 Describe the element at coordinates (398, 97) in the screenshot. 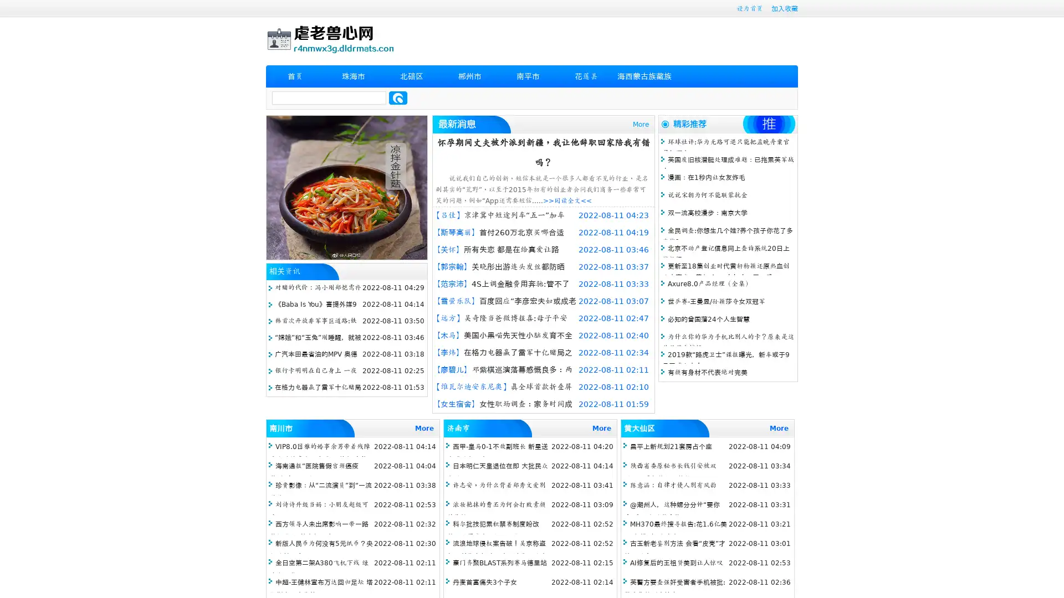

I see `Search` at that location.